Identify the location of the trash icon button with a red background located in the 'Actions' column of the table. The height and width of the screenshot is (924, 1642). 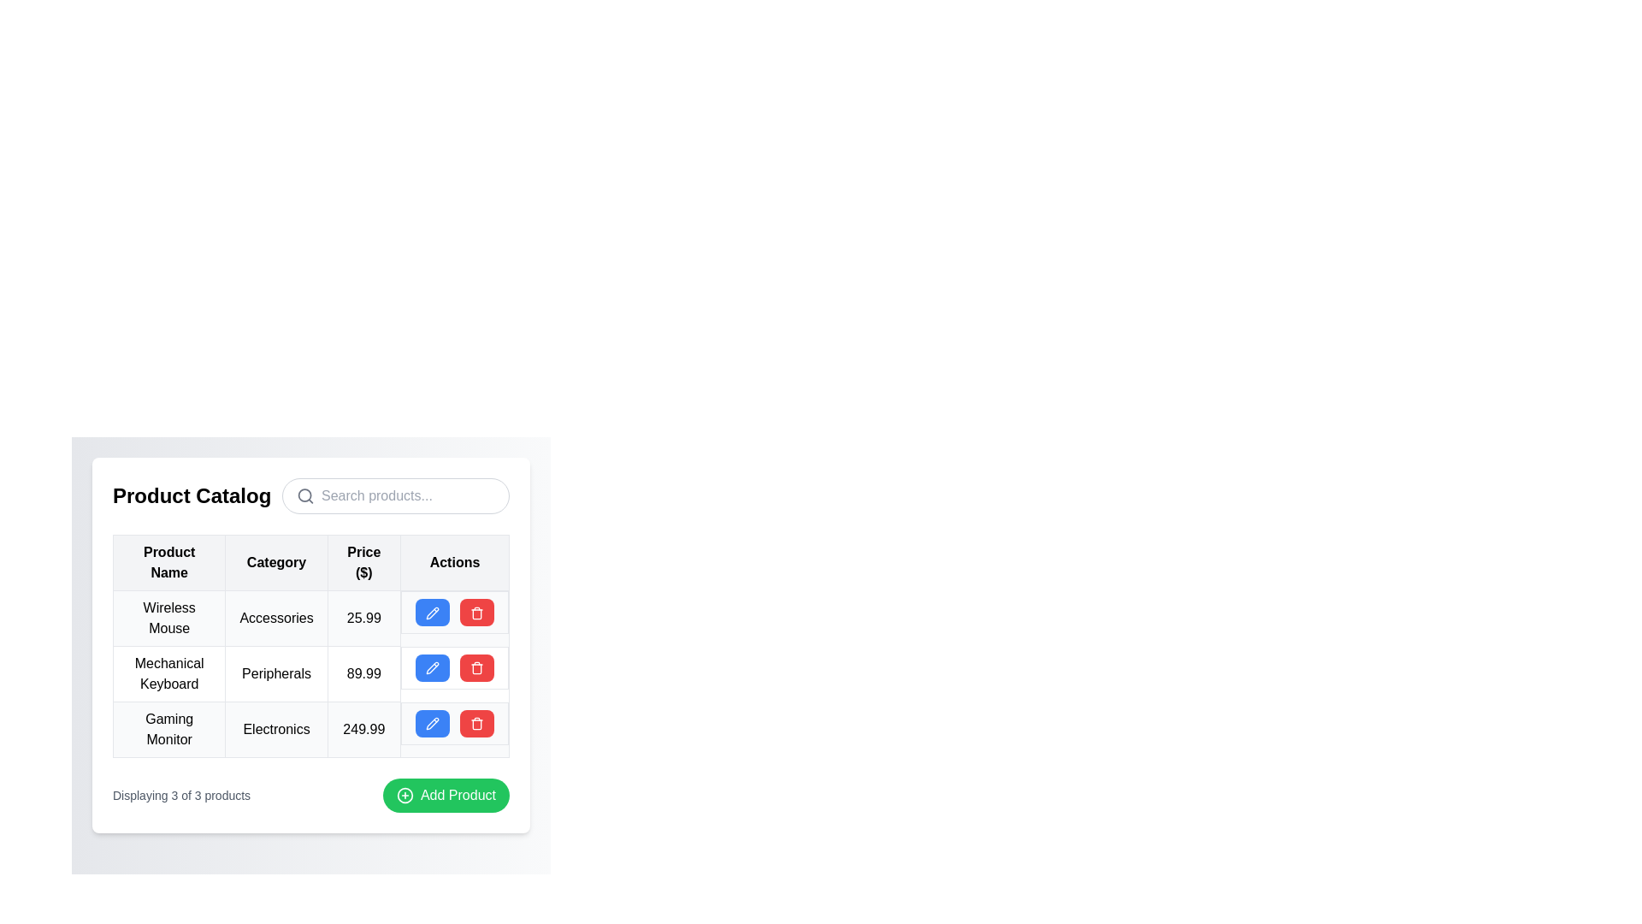
(476, 724).